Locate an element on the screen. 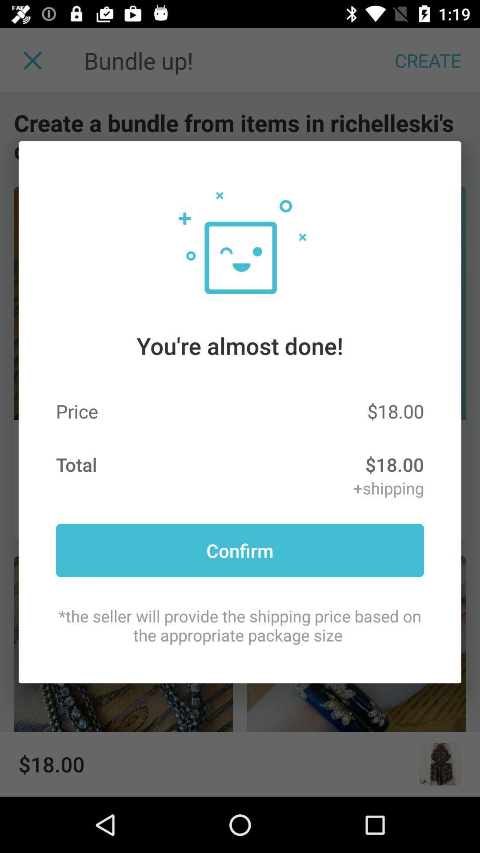 The height and width of the screenshot is (853, 480). confirm item is located at coordinates (240, 550).